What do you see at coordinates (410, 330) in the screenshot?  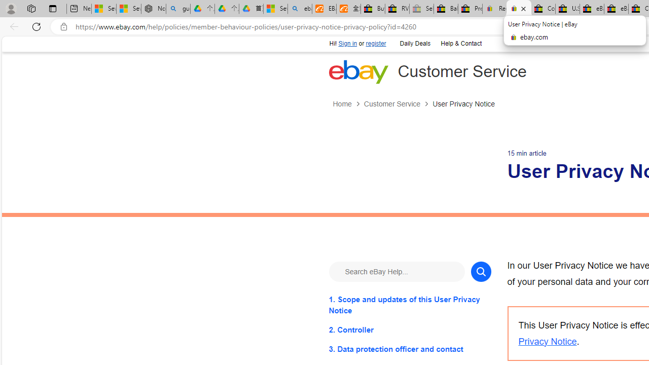 I see `'2. Controller'` at bounding box center [410, 330].